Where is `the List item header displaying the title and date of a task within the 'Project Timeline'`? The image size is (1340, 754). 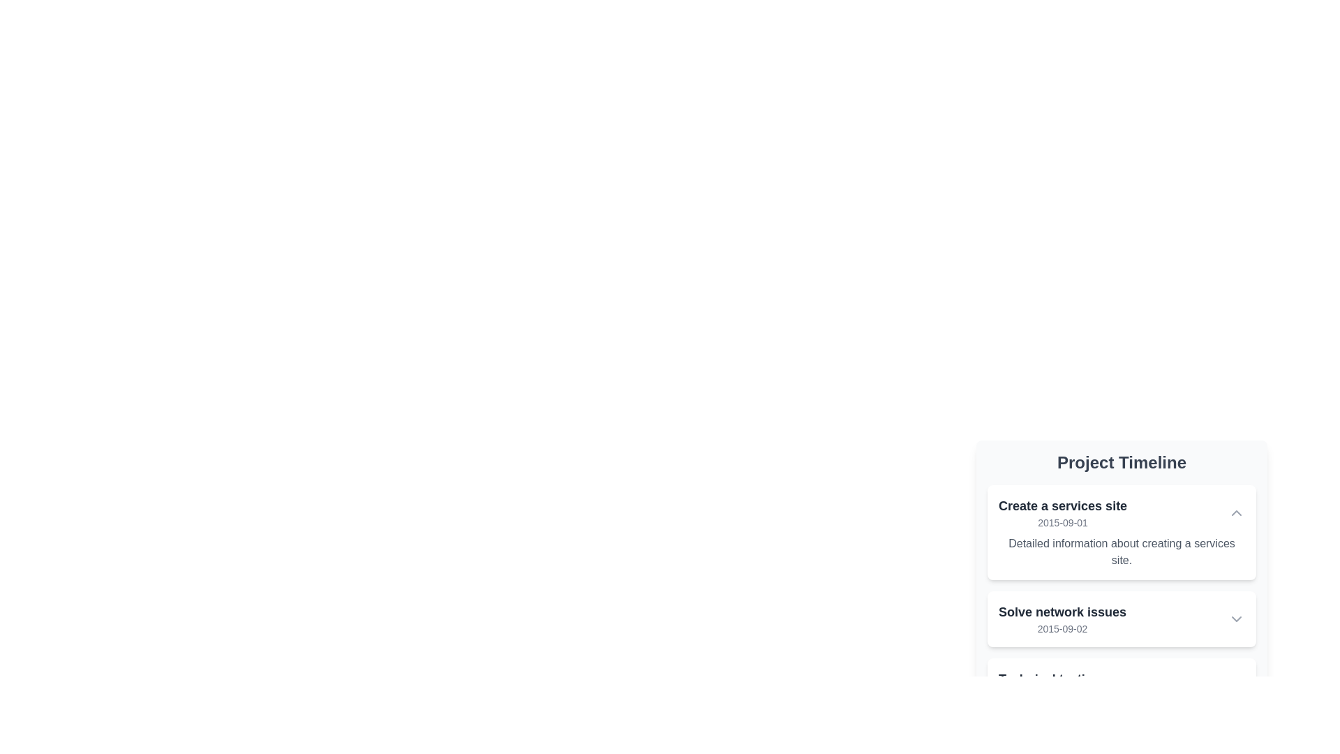 the List item header displaying the title and date of a task within the 'Project Timeline' is located at coordinates (1062, 513).